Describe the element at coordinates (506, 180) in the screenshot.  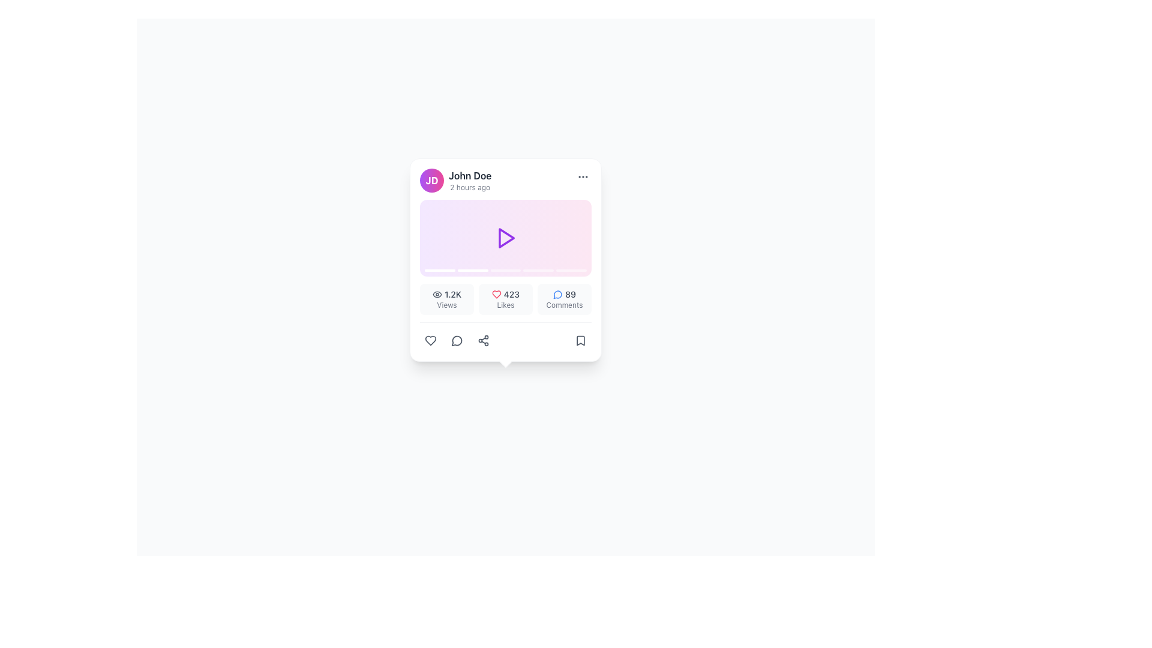
I see `the circular avatar in the Profile Information Display` at that location.